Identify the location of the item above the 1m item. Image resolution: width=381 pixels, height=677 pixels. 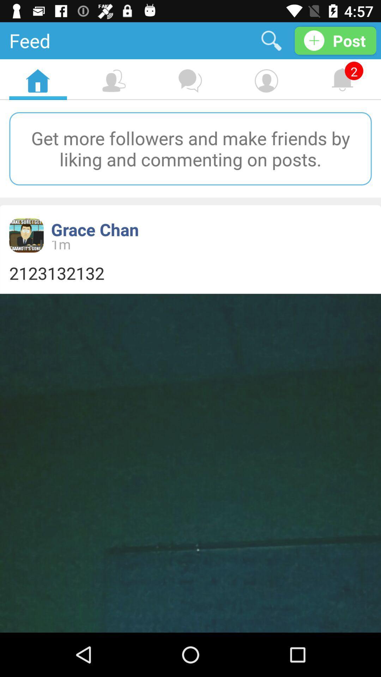
(95, 230).